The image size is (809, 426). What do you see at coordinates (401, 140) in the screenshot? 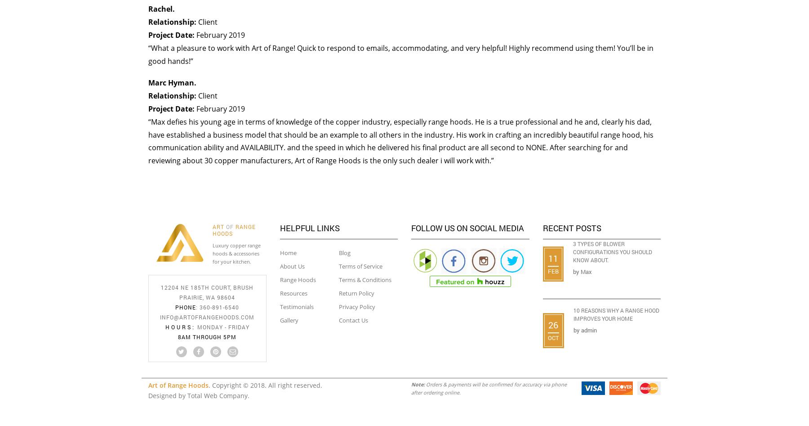
I see `'“Max defies his young age in terms of knowledge of the copper industry, especially range hoods. He is a true professional and he and, clearly his dad, have established a business model that should be an example to all others in the industry. His work in crafting an incredibly beautiful range hood, his communication ability and AVAILABILITY. and the speed in which he delivered his final product are all second to NONE. After searching for and reviewing about 30 copper manufacturers, Art of Range Hoods is the only such dealer i will work with.”'` at bounding box center [401, 140].